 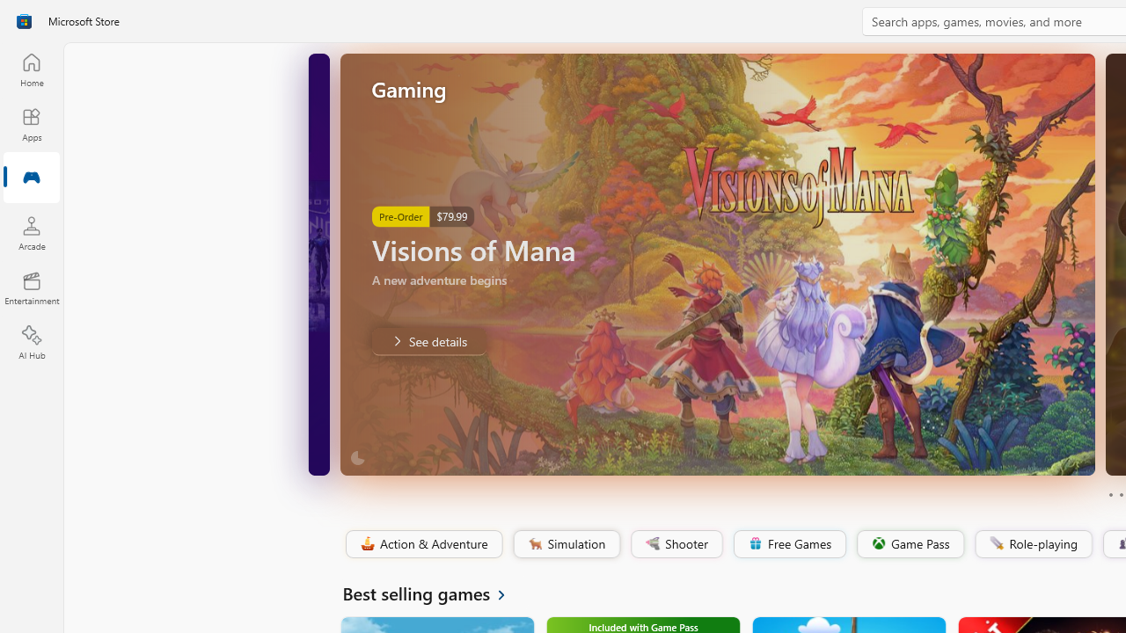 I want to click on 'AutomationID: Image', so click(x=717, y=264).